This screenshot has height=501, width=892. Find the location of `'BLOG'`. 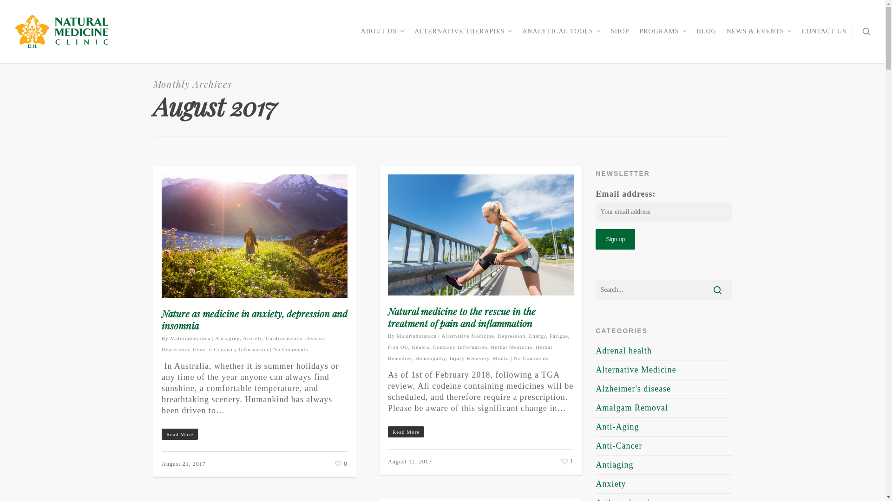

'BLOG' is located at coordinates (706, 37).